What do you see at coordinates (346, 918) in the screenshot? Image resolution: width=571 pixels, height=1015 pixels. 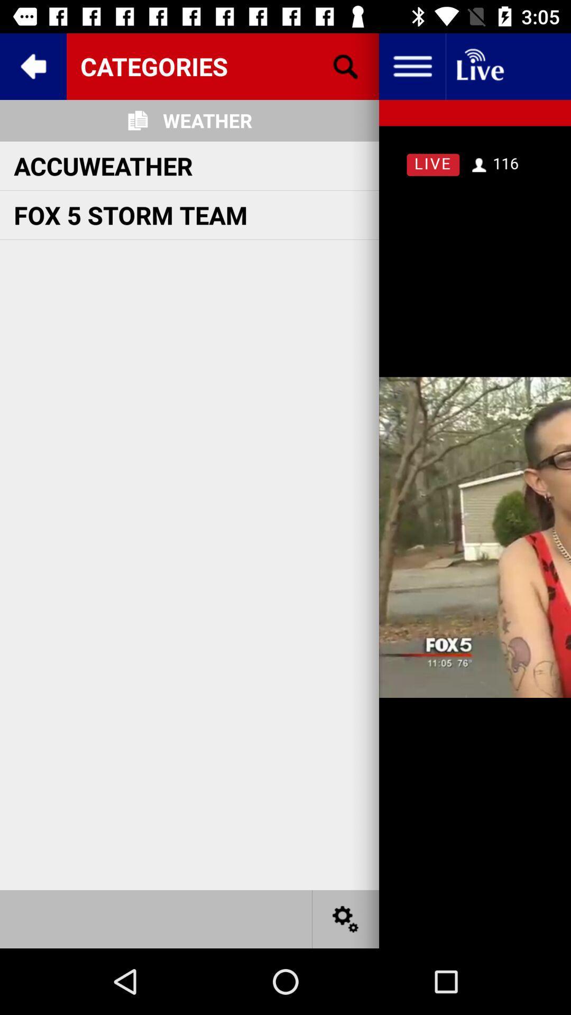 I see `the settings icon` at bounding box center [346, 918].